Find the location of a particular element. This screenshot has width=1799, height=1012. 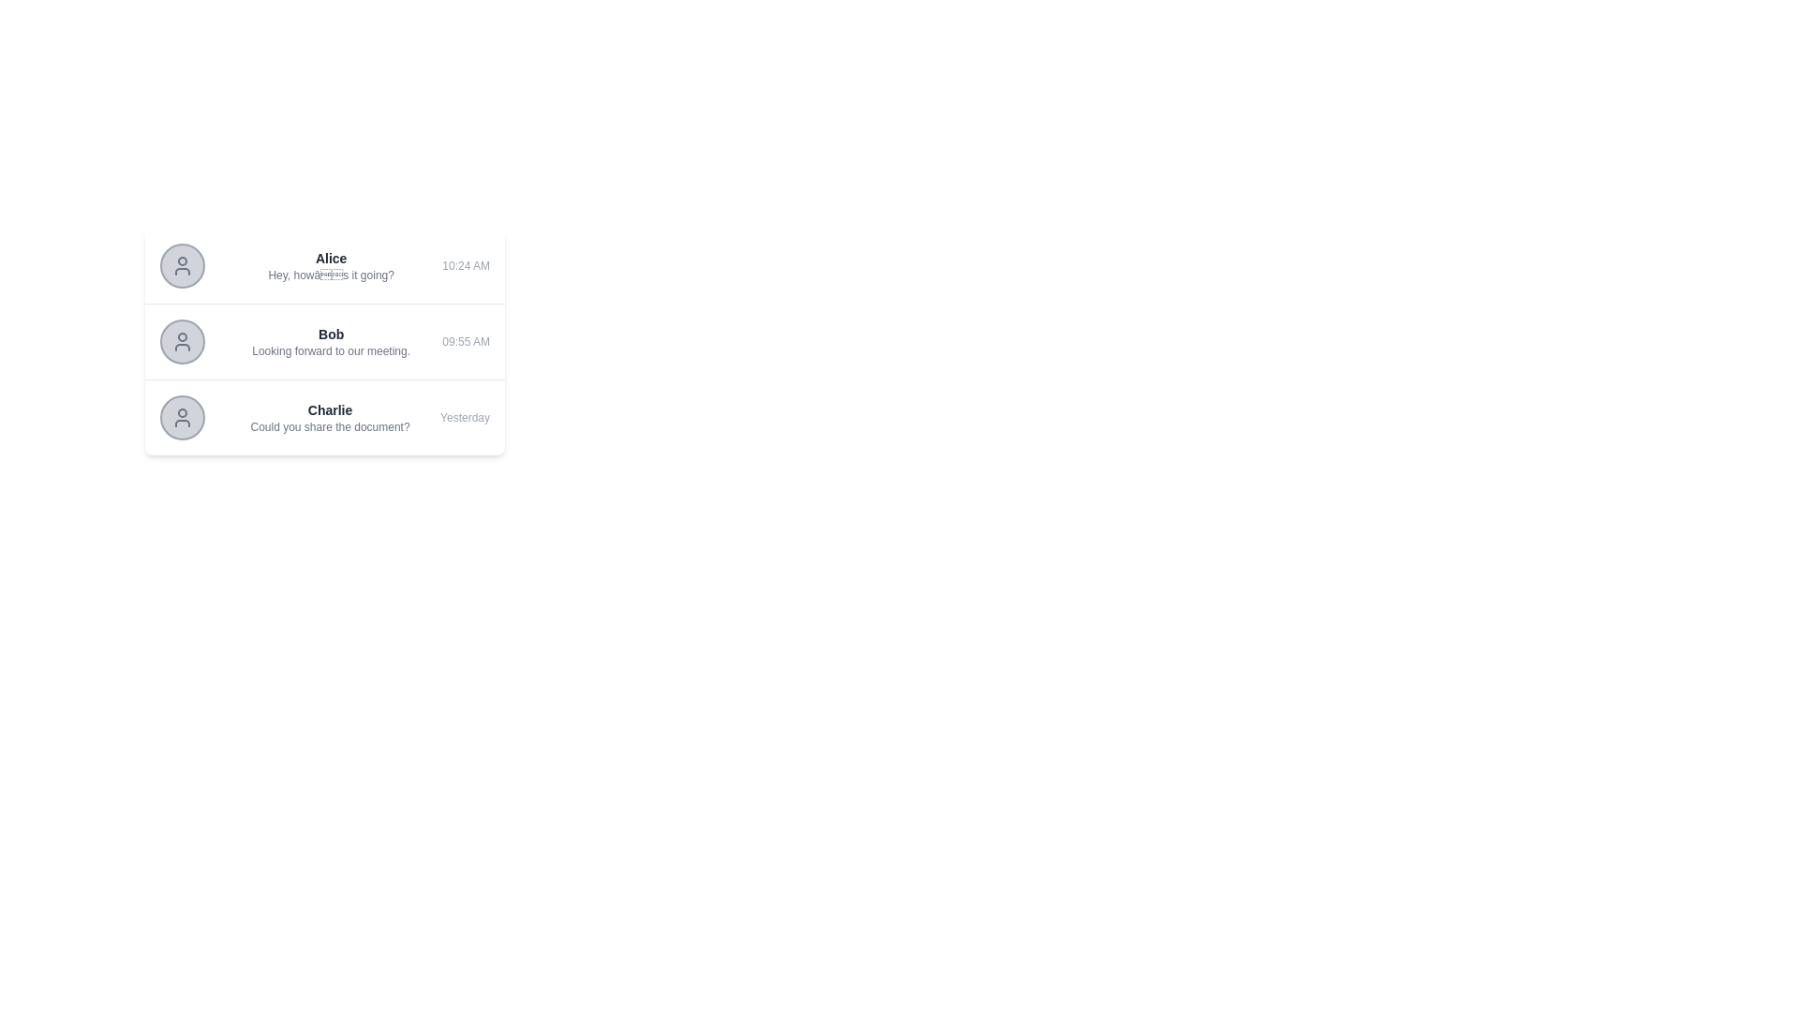

the chat message item from 'Charlie' which includes the message preview 'Could you share the document?' and the timestamp 'Yesterday'. This item is the third in a vertical list of chat messages is located at coordinates (324, 417).